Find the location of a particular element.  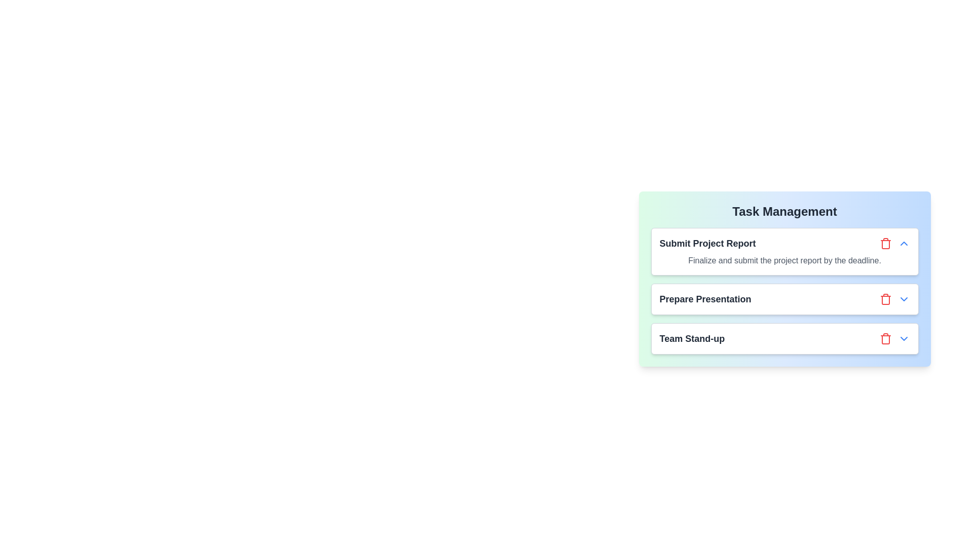

the text label element that reads 'Finalize and submit the project report by the deadline.' which is located beneath the 'Submit Project Report' label in the 'Task Management' panel is located at coordinates (784, 260).